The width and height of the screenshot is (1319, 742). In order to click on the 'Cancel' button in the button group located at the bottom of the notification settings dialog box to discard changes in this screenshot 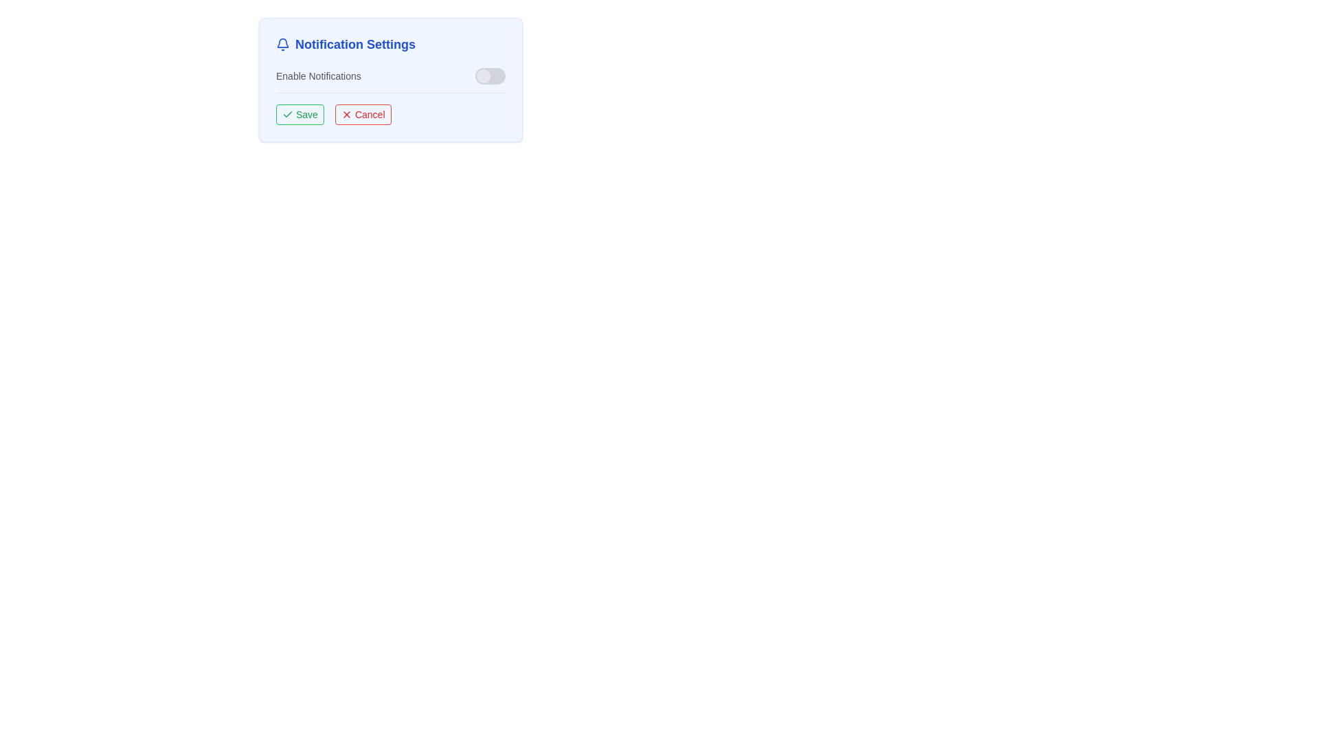, I will do `click(390, 113)`.